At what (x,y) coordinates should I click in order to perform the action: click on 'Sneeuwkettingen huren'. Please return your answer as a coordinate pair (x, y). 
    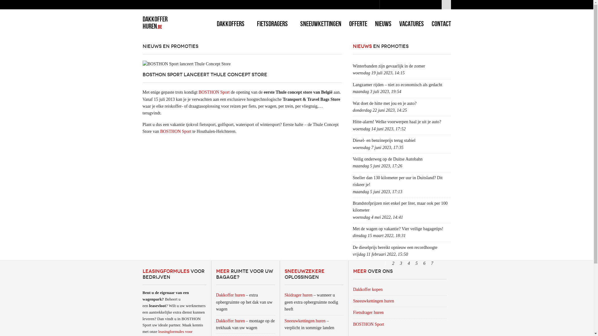
    Looking at the image, I should click on (305, 321).